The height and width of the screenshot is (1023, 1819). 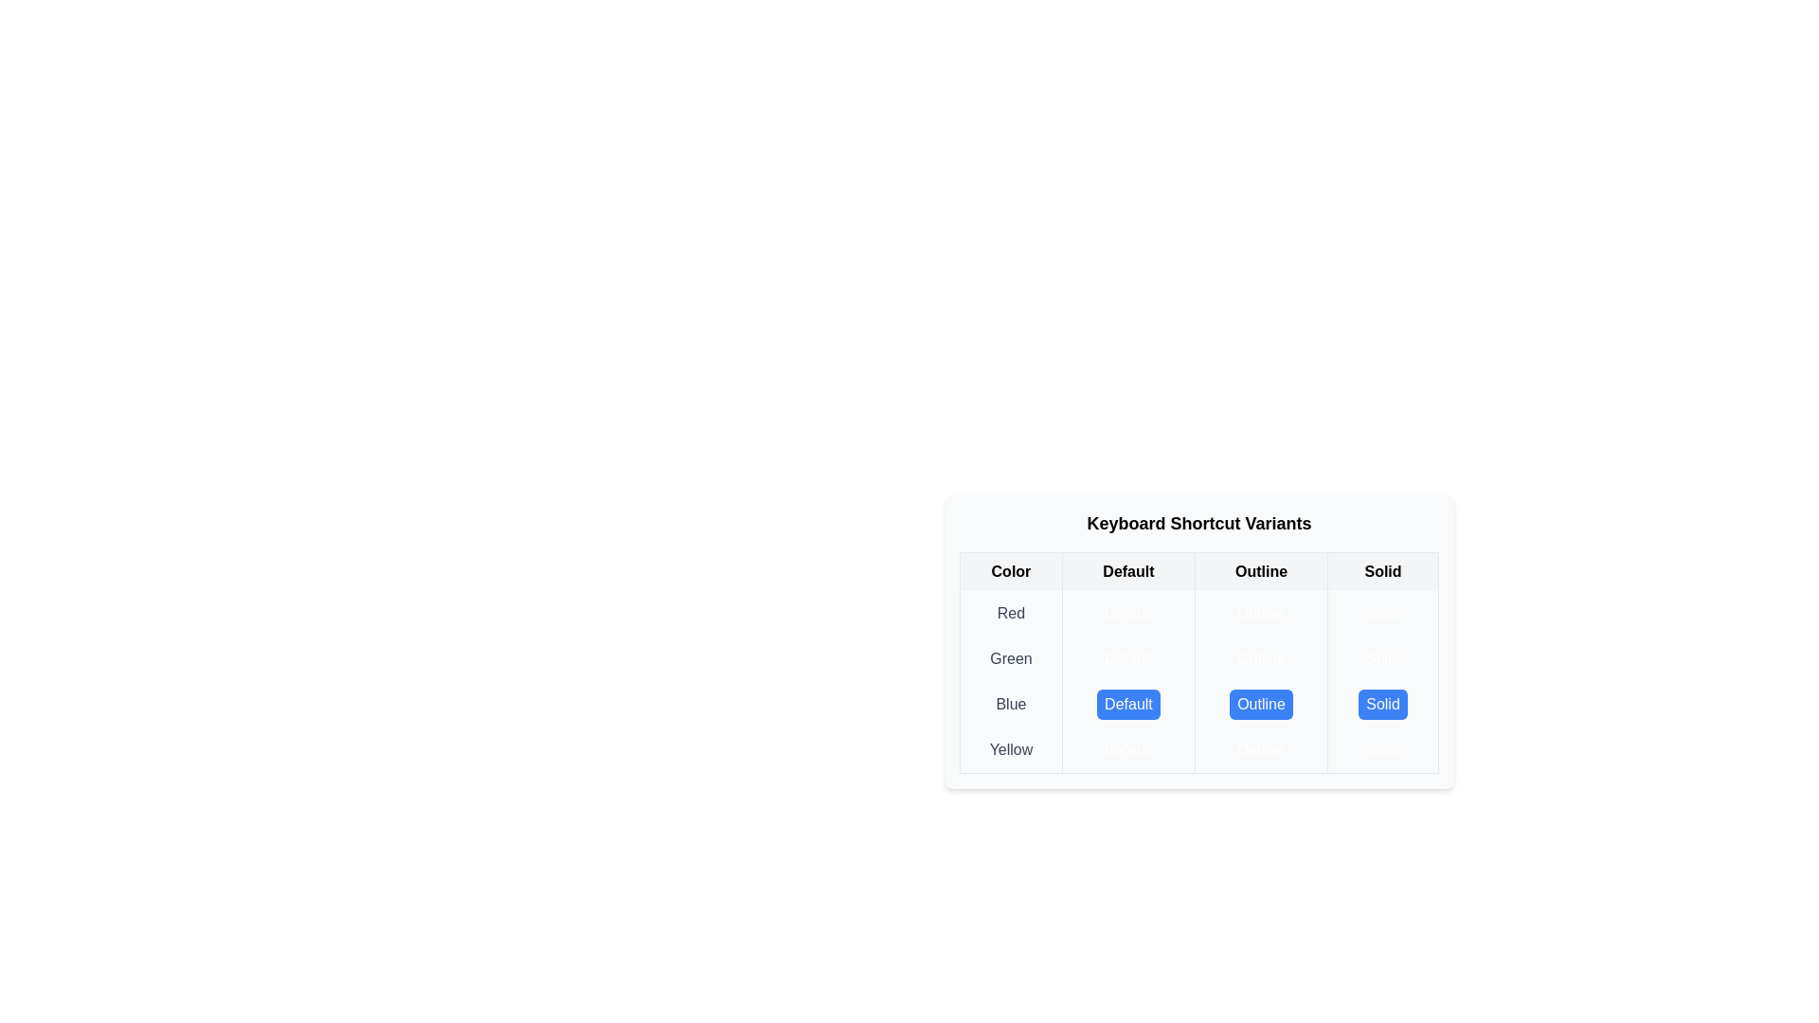 What do you see at coordinates (1261, 570) in the screenshot?
I see `text of the column header labeled 'Outline' in the table under 'Keyboard Shortcut Variants'` at bounding box center [1261, 570].